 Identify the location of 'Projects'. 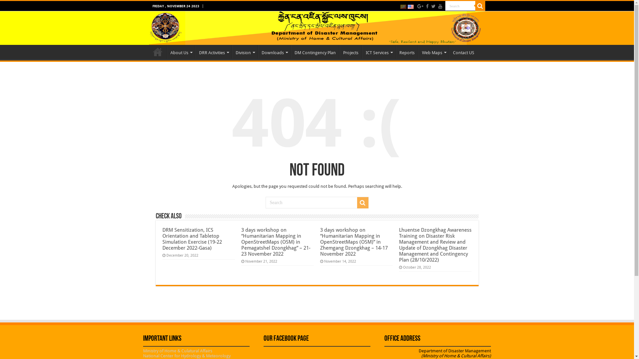
(350, 51).